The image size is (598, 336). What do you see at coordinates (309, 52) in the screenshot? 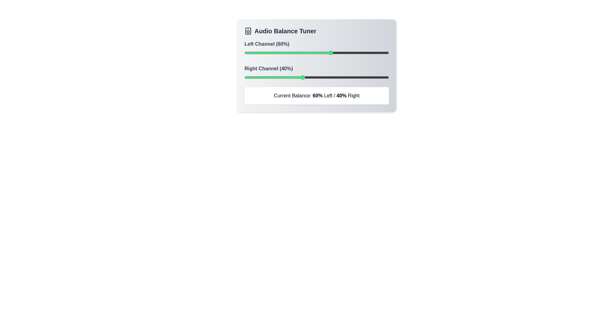
I see `the left channel balance to 45% using the slider` at bounding box center [309, 52].